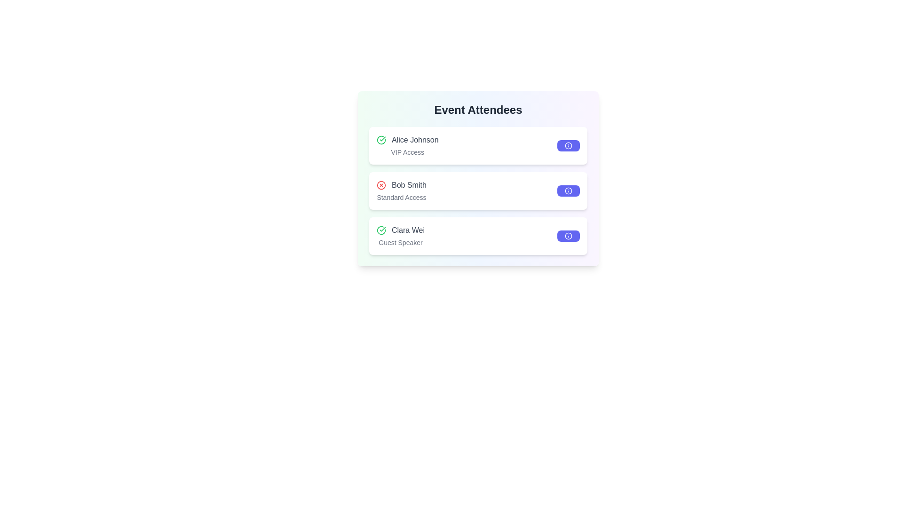  Describe the element at coordinates (568, 190) in the screenshot. I see `the 'info' button for Bob Smith to view their details` at that location.